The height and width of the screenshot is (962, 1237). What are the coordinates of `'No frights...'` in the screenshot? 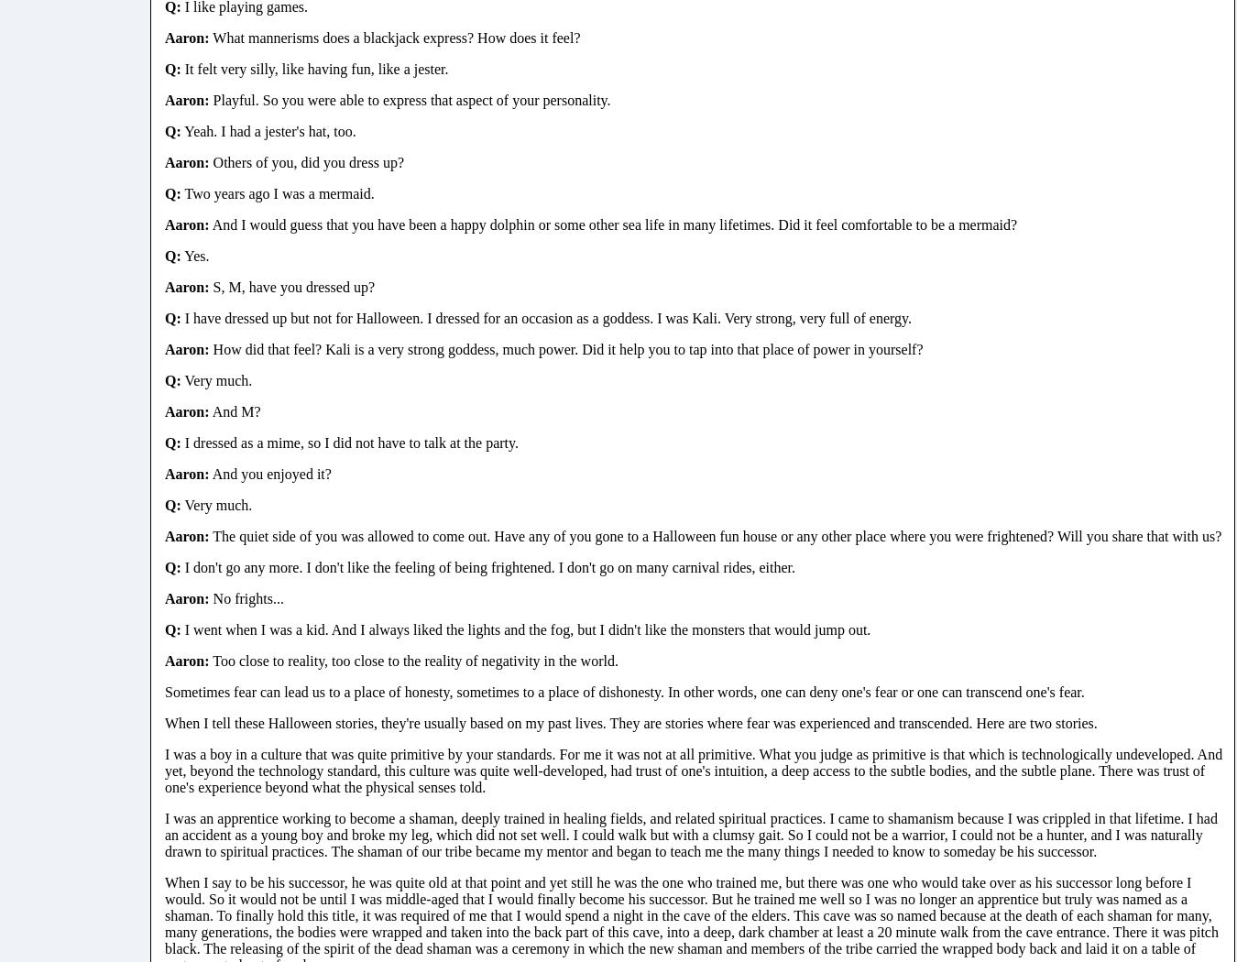 It's located at (245, 596).